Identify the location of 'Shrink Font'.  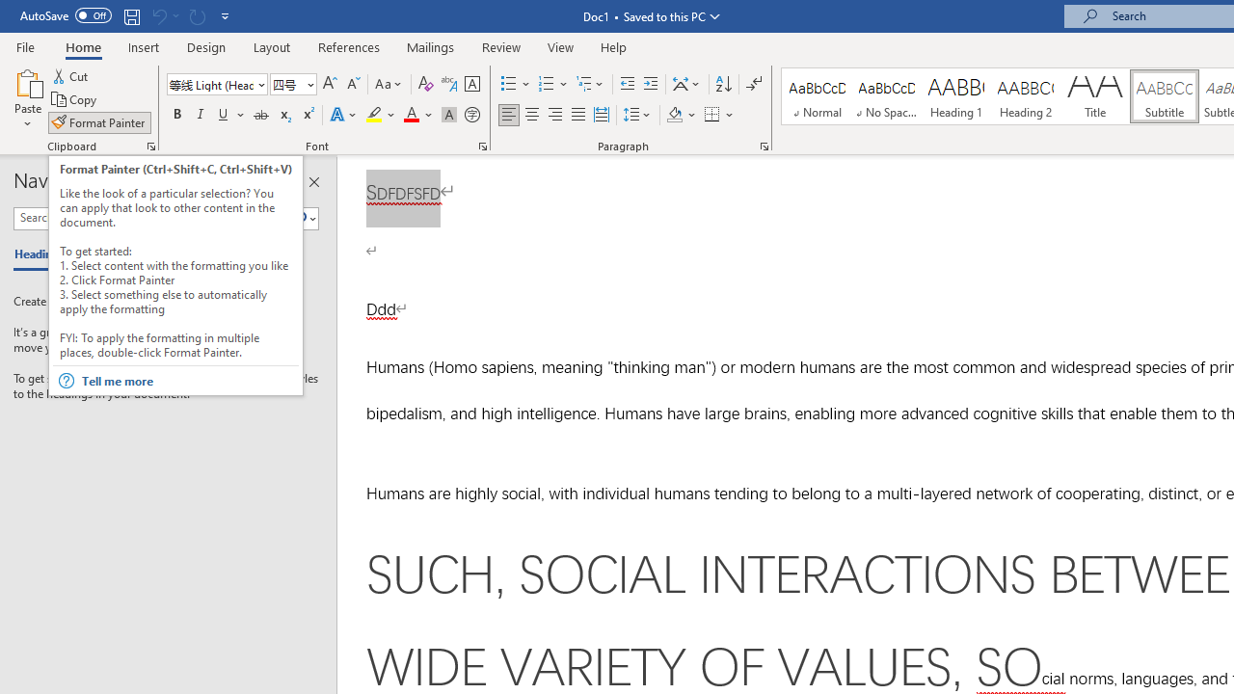
(353, 83).